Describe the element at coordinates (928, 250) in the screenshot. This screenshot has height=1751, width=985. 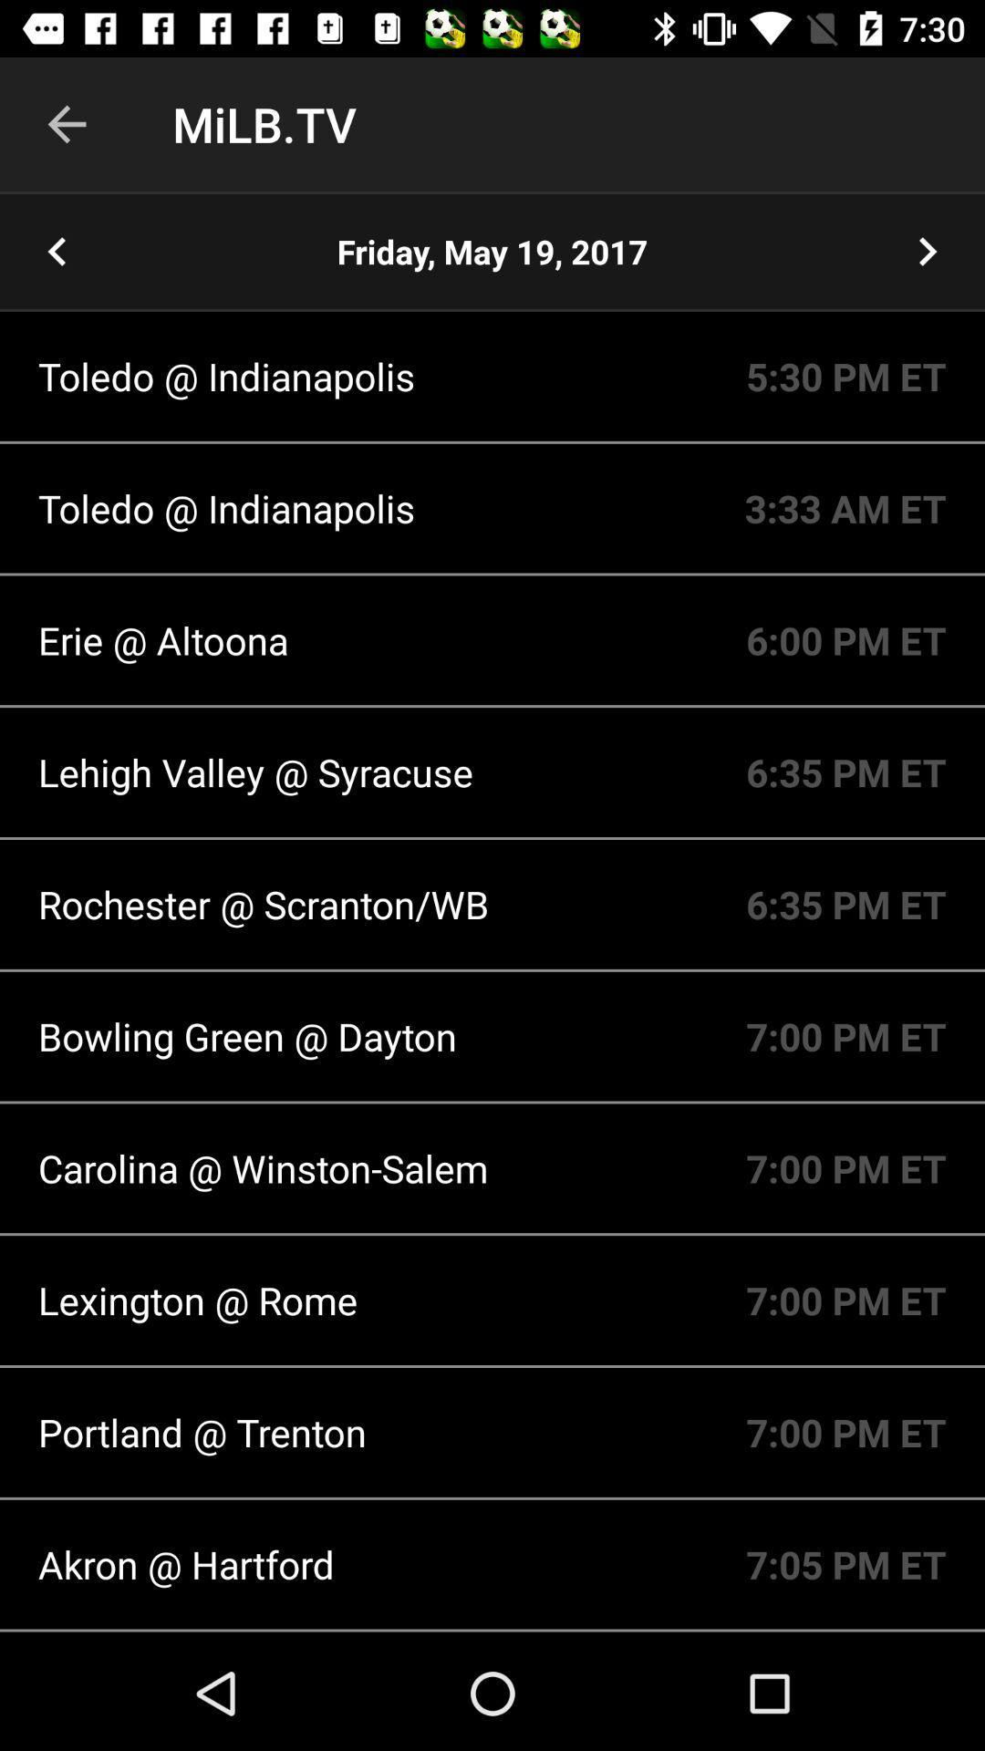
I see `next option` at that location.